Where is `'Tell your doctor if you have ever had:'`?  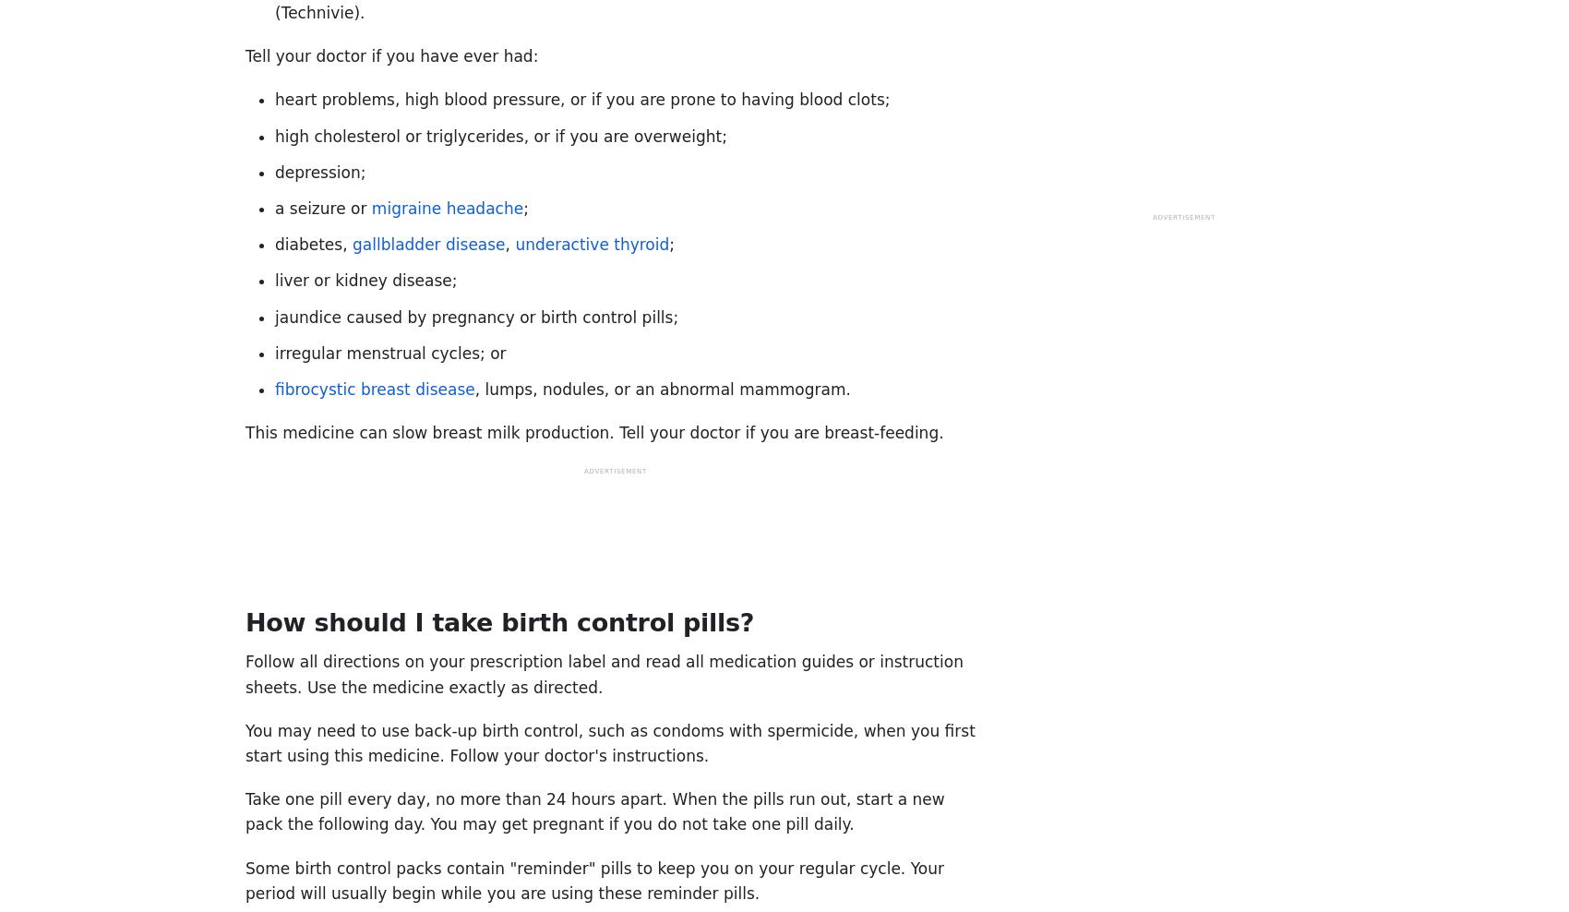
'Tell your doctor if you have ever had:' is located at coordinates (390, 54).